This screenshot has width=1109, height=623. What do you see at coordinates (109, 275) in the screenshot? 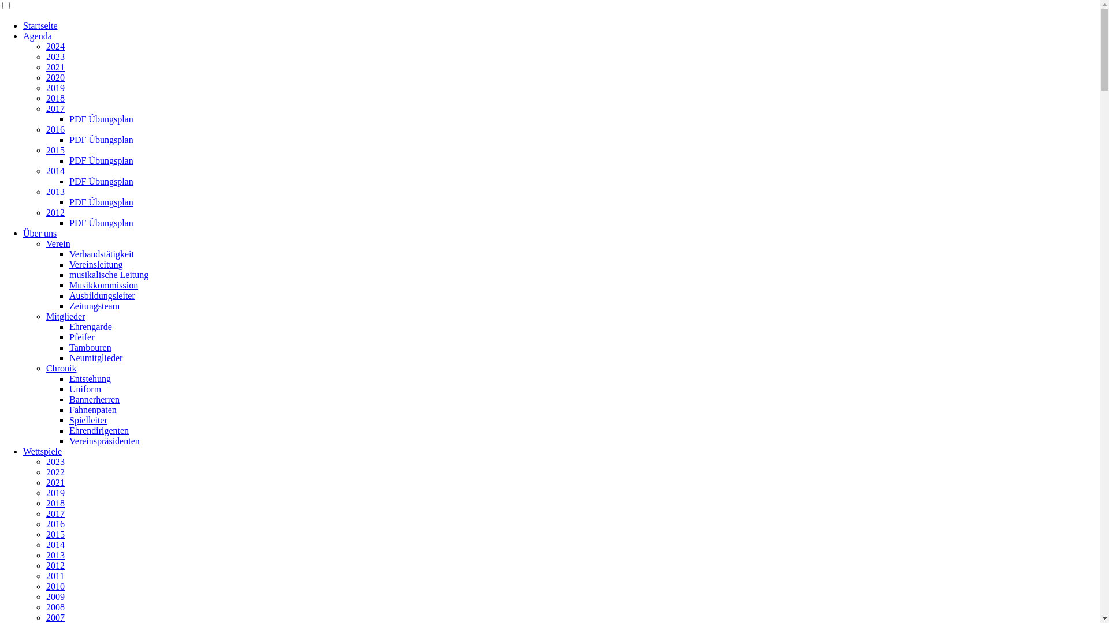
I see `'musikalische Leitung'` at bounding box center [109, 275].